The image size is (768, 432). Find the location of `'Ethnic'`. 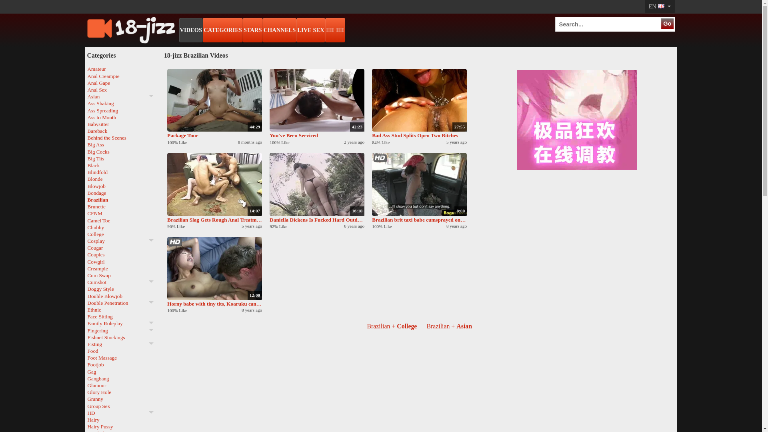

'Ethnic' is located at coordinates (120, 309).